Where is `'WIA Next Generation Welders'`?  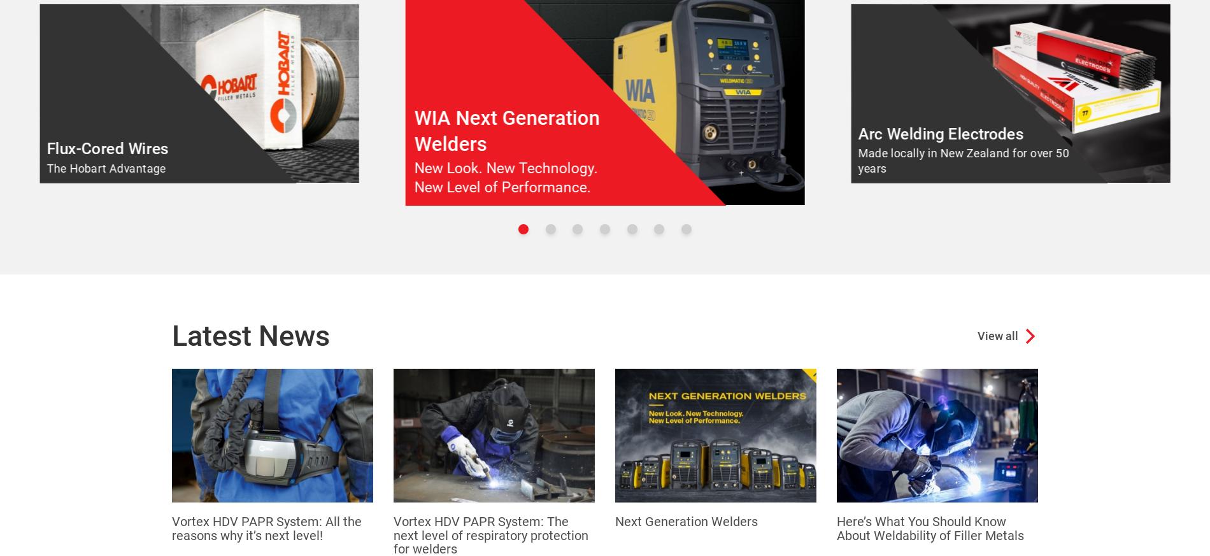
'WIA Next Generation Welders' is located at coordinates (506, 129).